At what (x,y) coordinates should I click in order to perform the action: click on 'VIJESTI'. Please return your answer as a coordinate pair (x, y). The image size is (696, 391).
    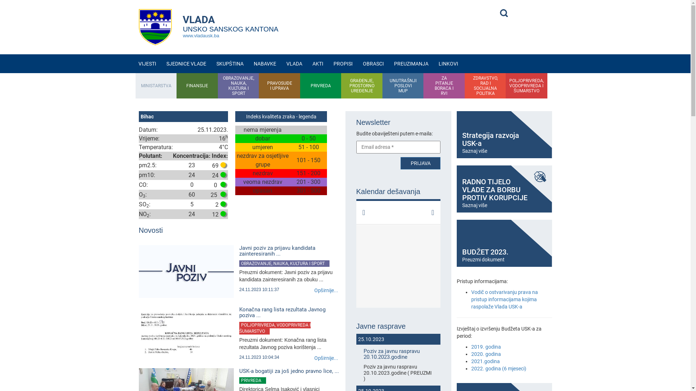
    Looking at the image, I should click on (147, 63).